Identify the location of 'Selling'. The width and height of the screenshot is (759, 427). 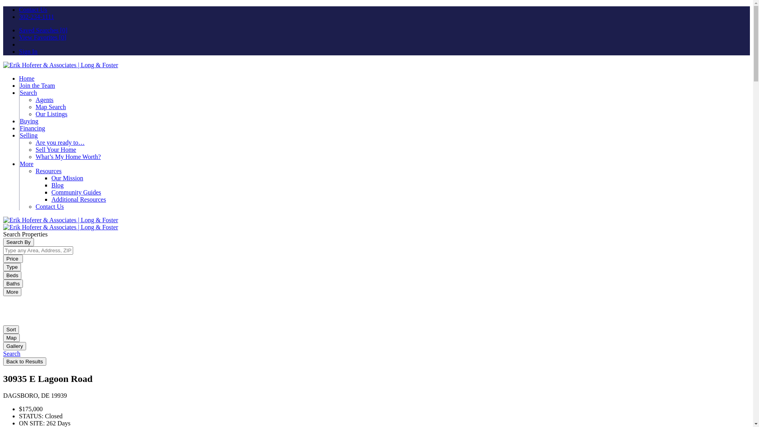
(28, 135).